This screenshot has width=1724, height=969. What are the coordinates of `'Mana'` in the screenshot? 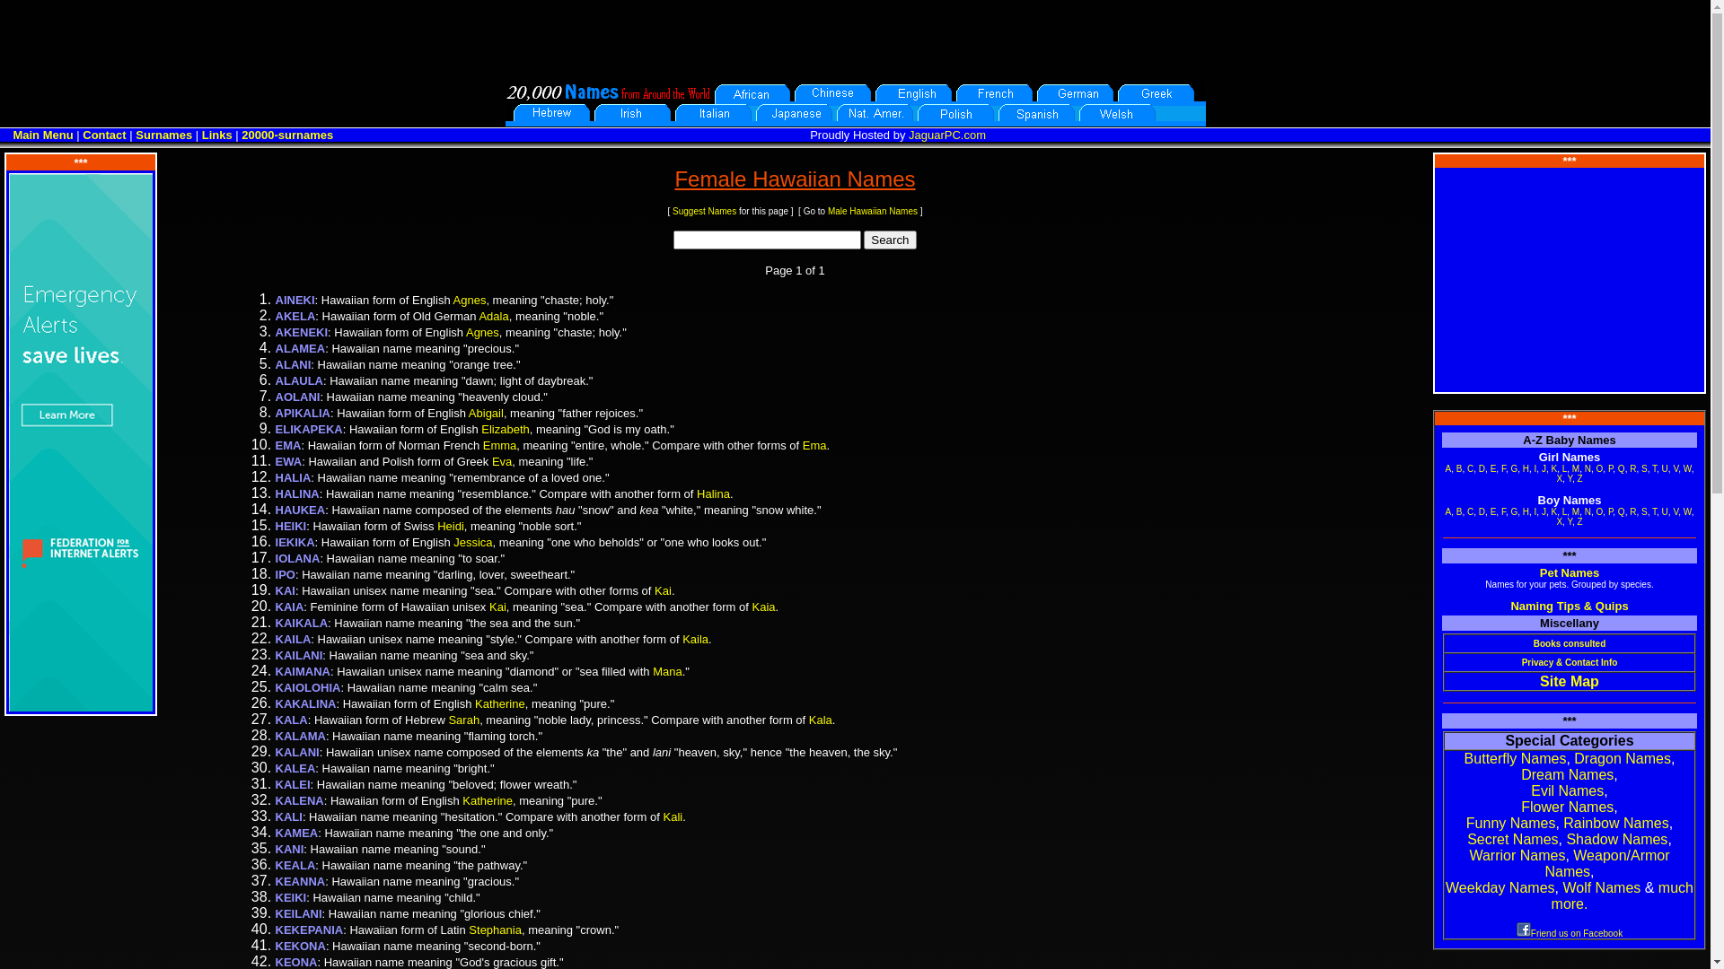 It's located at (666, 671).